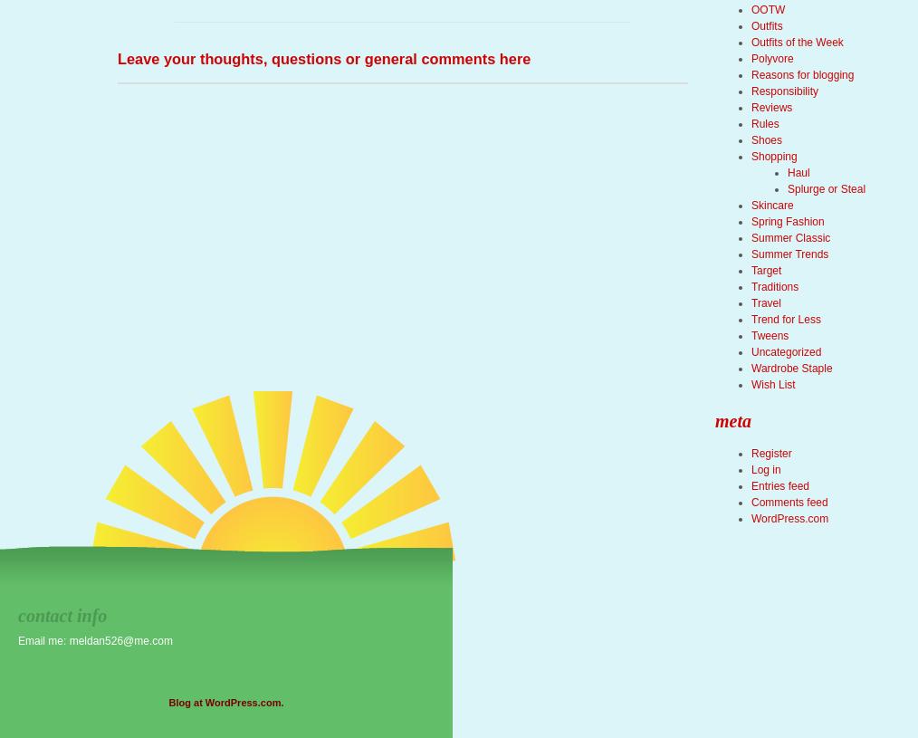 This screenshot has width=918, height=738. What do you see at coordinates (773, 157) in the screenshot?
I see `'Shopping'` at bounding box center [773, 157].